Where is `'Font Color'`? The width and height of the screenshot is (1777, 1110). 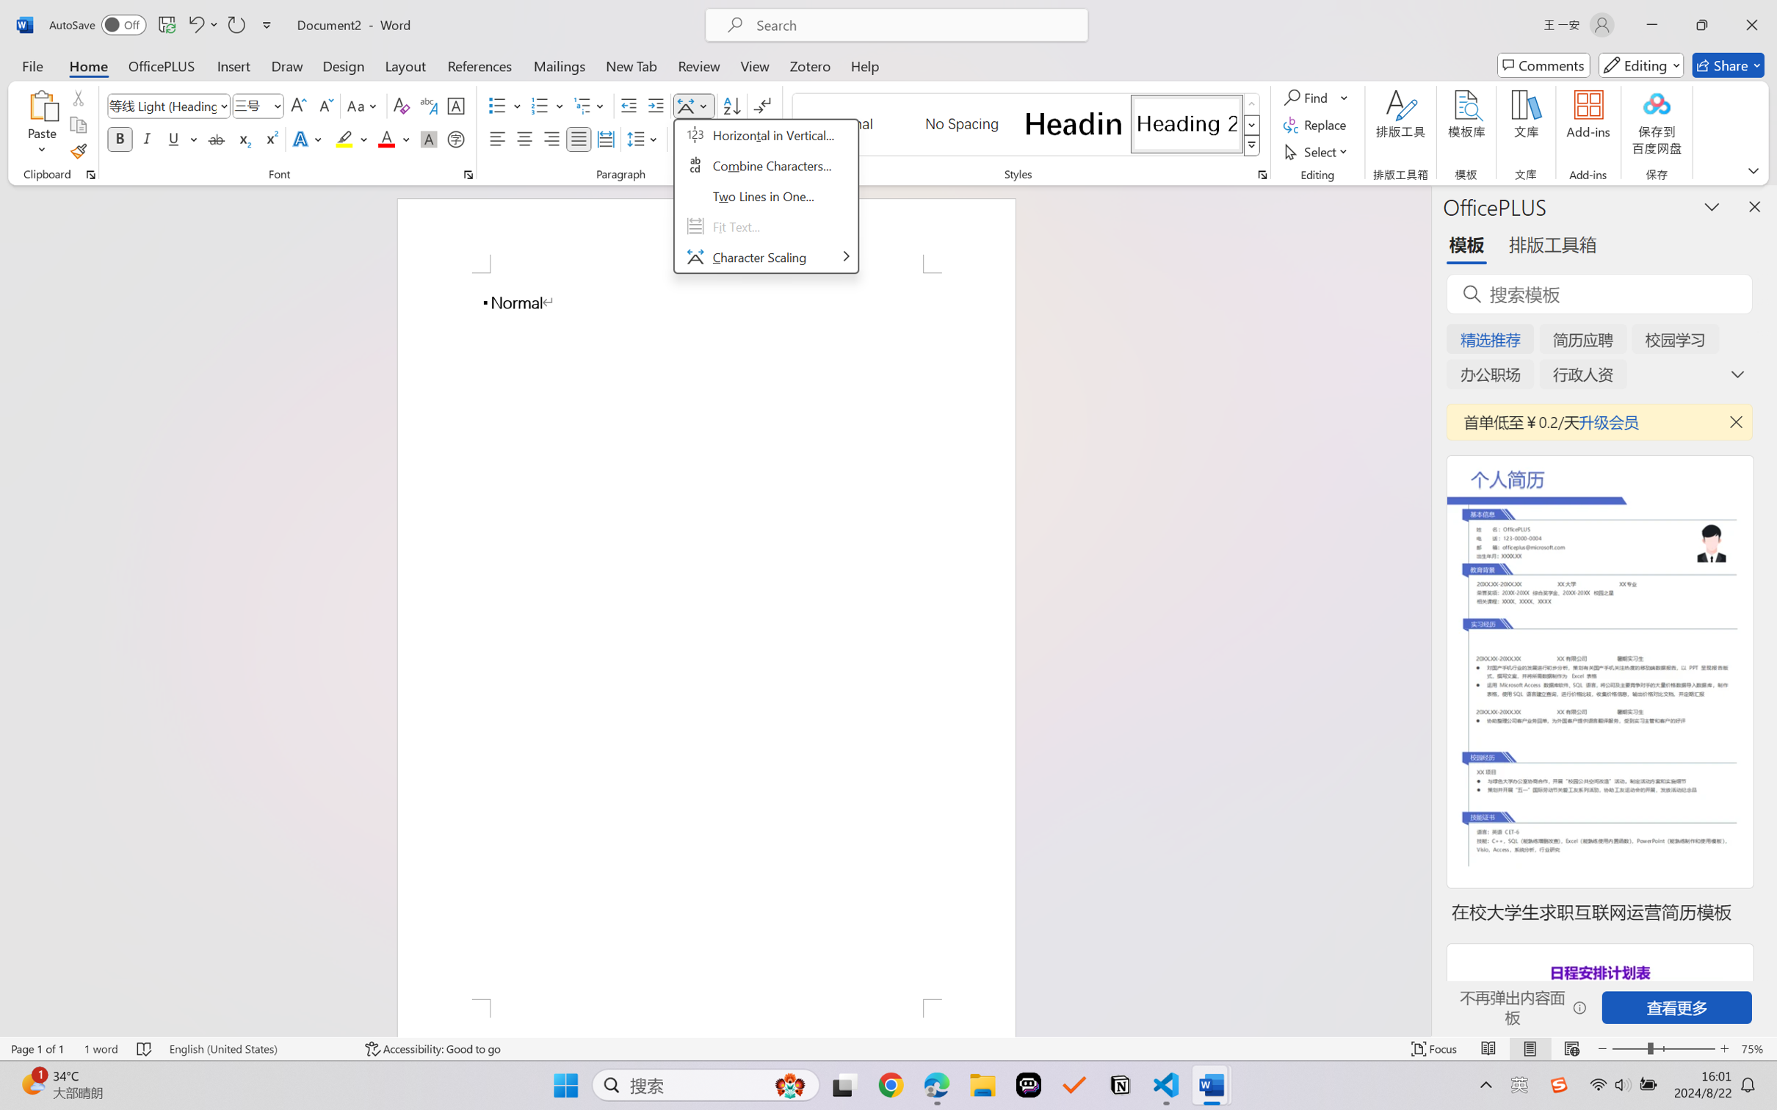 'Font Color' is located at coordinates (394, 138).